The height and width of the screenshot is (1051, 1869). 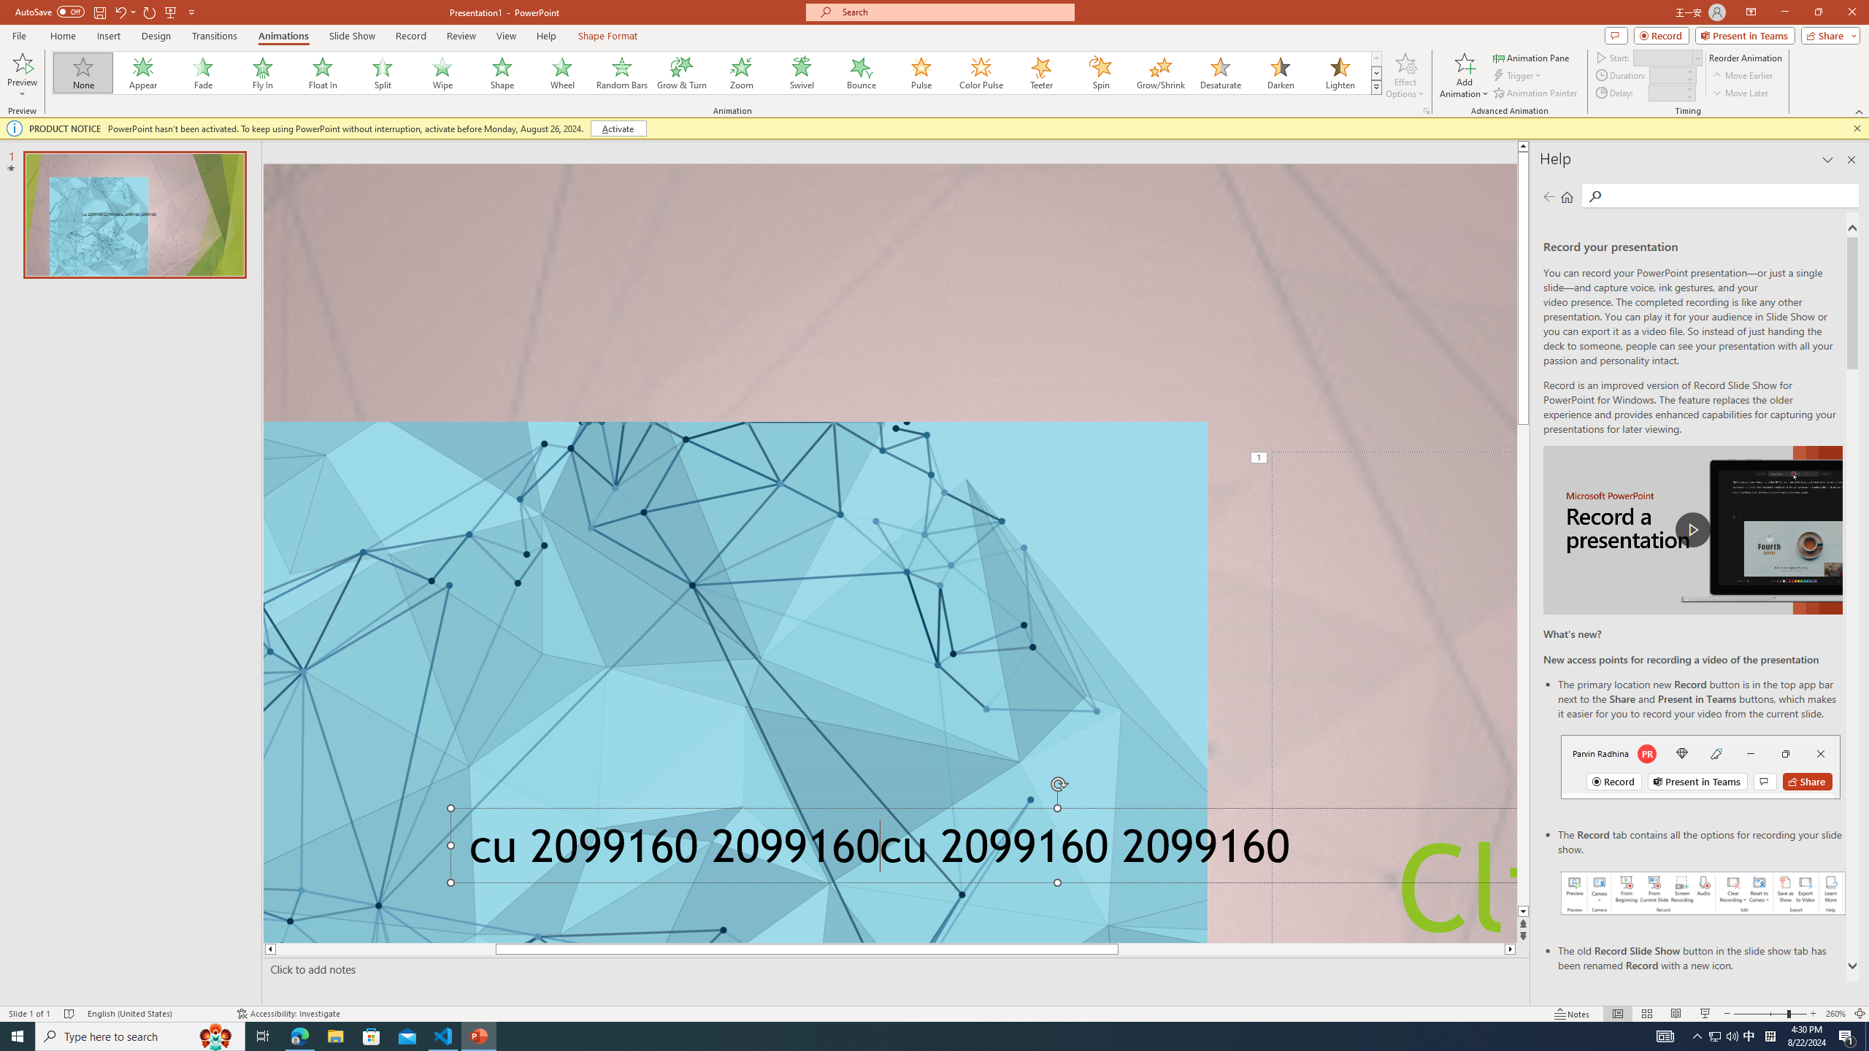 I want to click on 'Color Pulse', so click(x=981, y=72).